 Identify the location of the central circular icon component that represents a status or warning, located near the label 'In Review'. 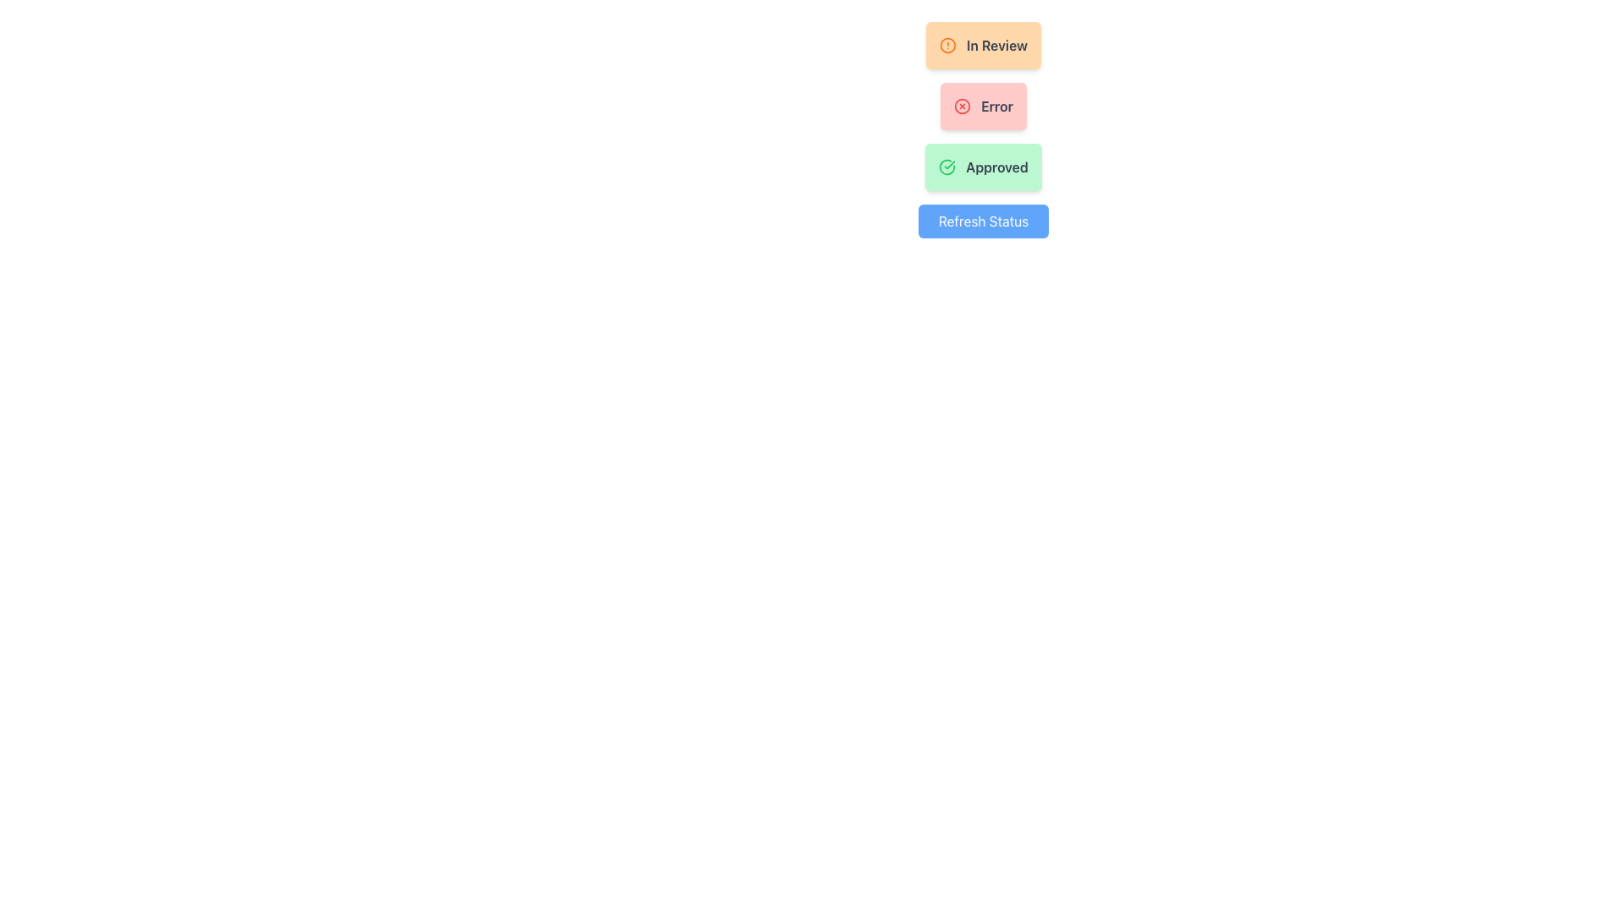
(948, 45).